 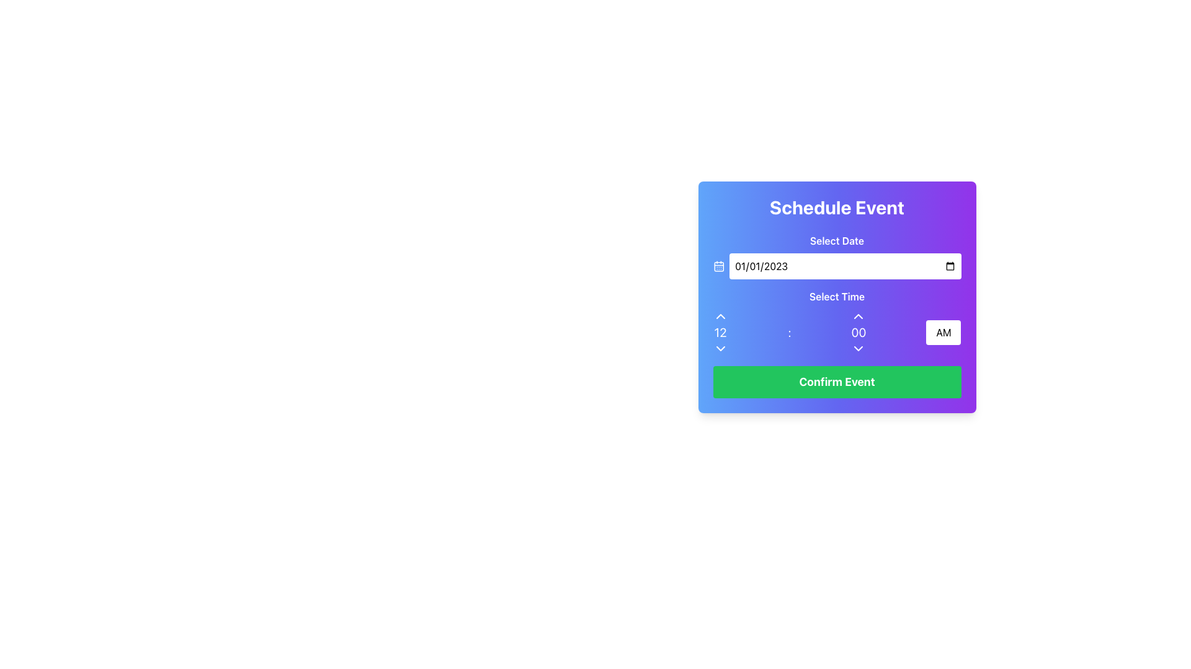 I want to click on the Text Display that shows the minutes component of the selected time, located below the colon ':' in the 'Select Time' section, so click(x=858, y=331).